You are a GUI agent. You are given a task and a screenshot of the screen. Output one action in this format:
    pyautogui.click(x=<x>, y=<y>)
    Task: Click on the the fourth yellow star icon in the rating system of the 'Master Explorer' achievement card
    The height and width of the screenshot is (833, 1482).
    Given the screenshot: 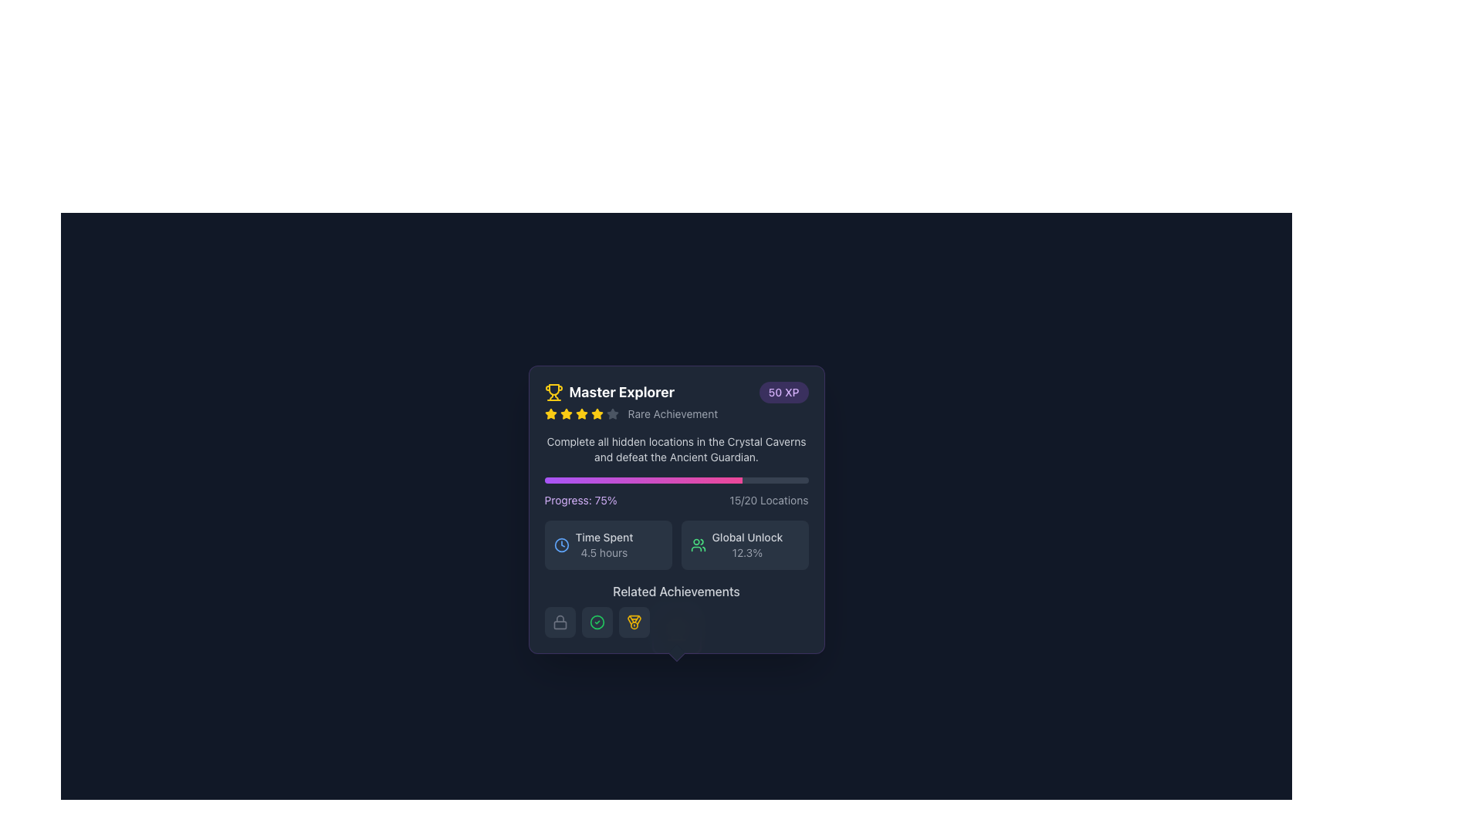 What is the action you would take?
    pyautogui.click(x=596, y=413)
    